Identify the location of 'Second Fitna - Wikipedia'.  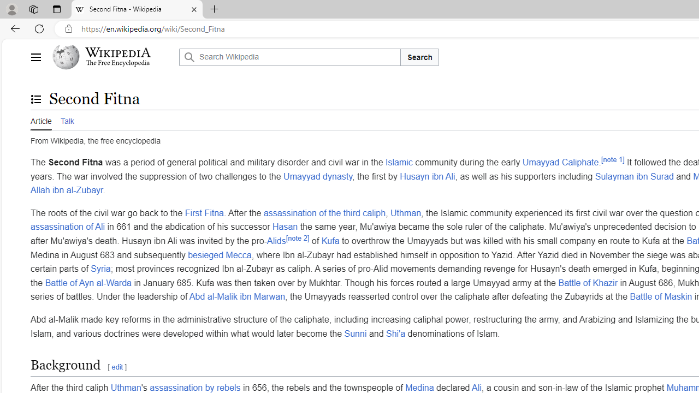
(136, 9).